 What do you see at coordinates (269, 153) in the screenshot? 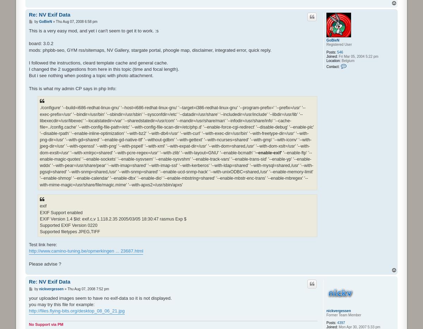
I see `'--enable-exif''` at bounding box center [269, 153].